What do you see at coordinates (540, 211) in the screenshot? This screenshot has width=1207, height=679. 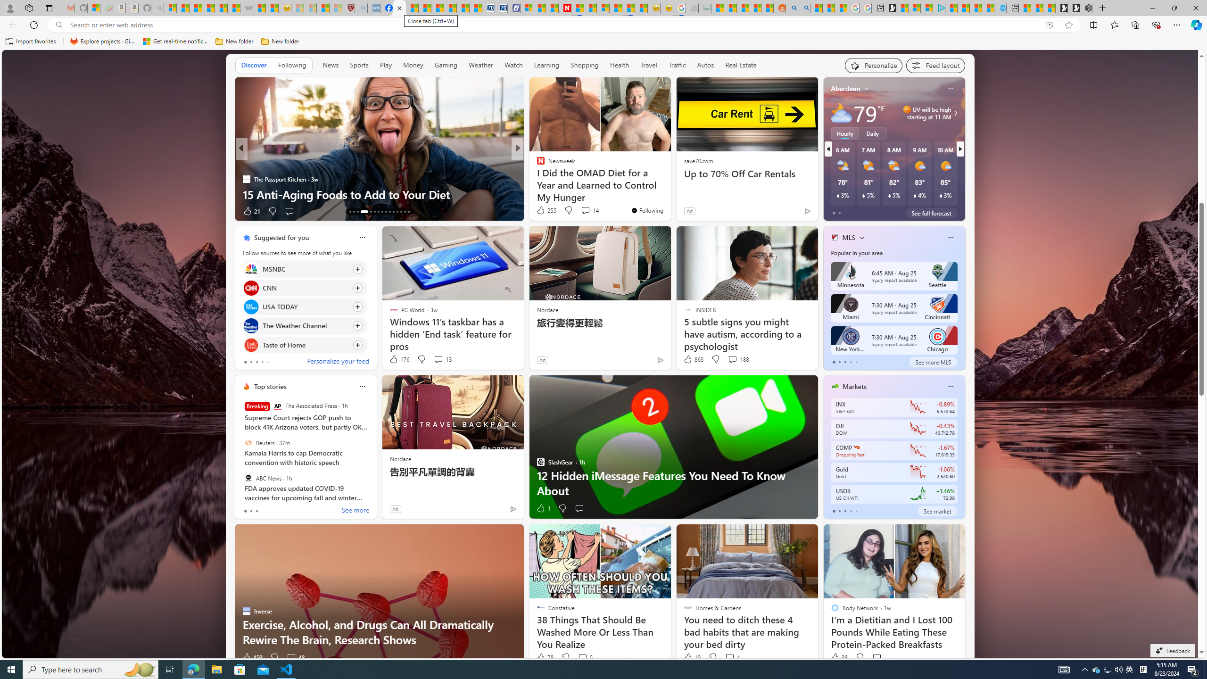 I see `'9 Like'` at bounding box center [540, 211].